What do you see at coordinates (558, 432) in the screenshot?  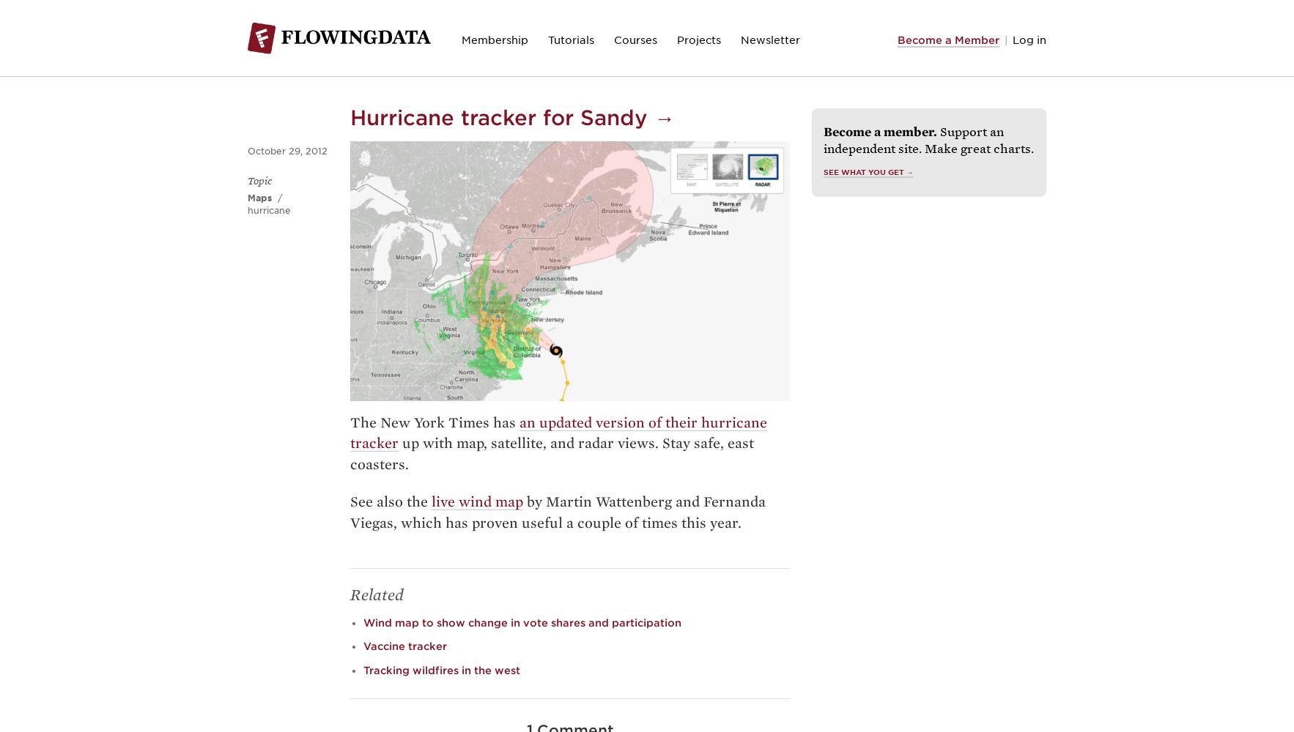 I see `'an updated version of their hurricane tracker'` at bounding box center [558, 432].